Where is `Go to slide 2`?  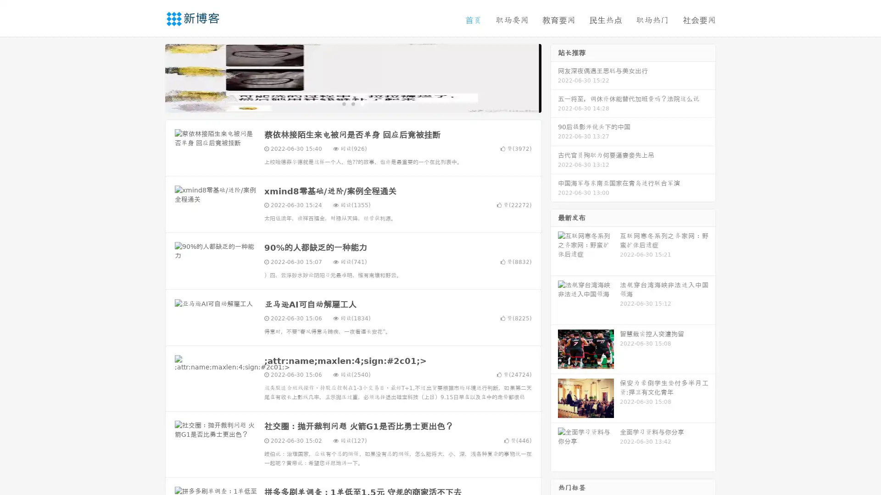
Go to slide 2 is located at coordinates (352, 103).